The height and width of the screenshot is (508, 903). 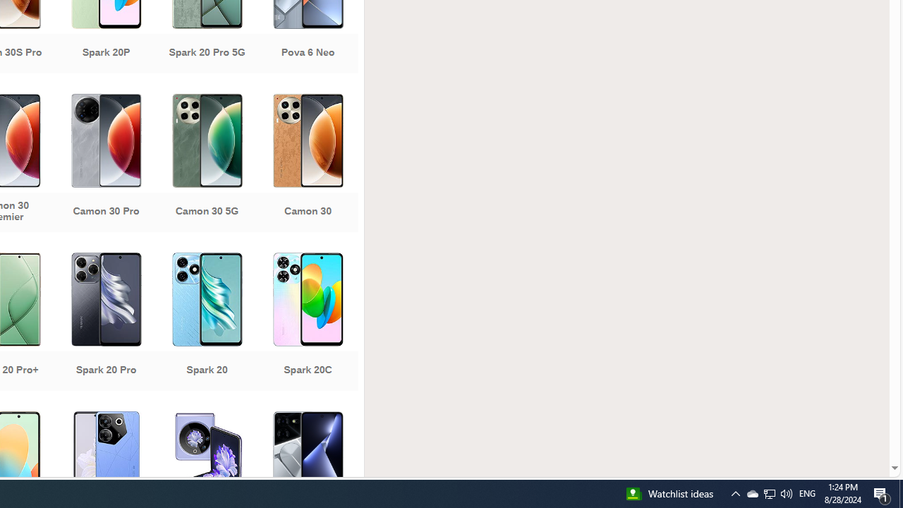 I want to click on 'Spark 20 Pro', so click(x=105, y=323).